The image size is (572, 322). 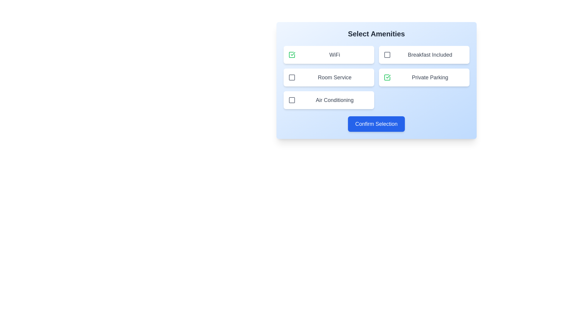 I want to click on the bold, centered static text heading located at the top of the light blue card, which is styled in dark gray and serves as the primary heading above the grid of selectable options, so click(x=376, y=34).